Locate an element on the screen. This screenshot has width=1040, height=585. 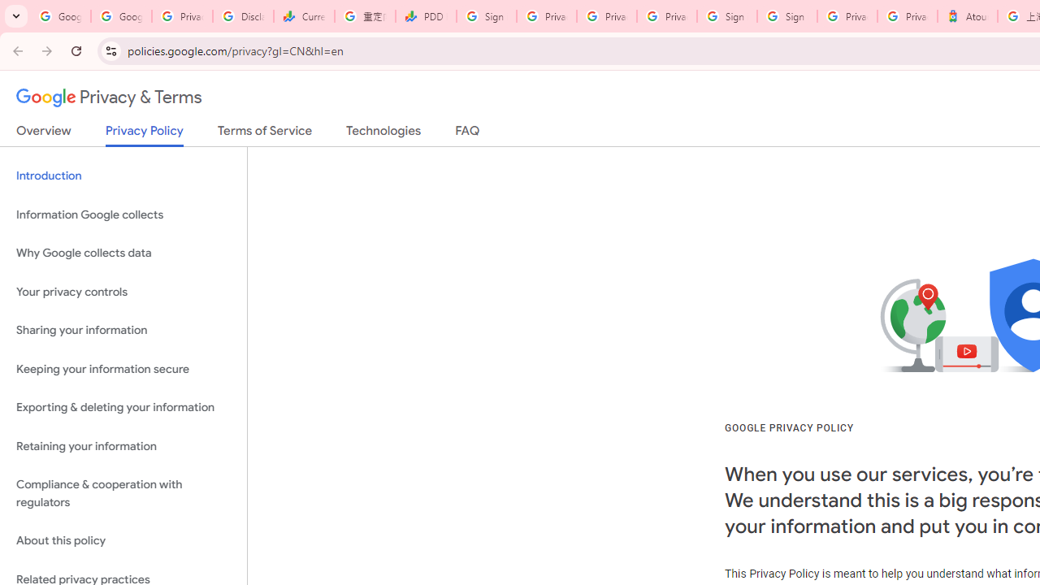
'Google Workspace Admin Community' is located at coordinates (60, 16).